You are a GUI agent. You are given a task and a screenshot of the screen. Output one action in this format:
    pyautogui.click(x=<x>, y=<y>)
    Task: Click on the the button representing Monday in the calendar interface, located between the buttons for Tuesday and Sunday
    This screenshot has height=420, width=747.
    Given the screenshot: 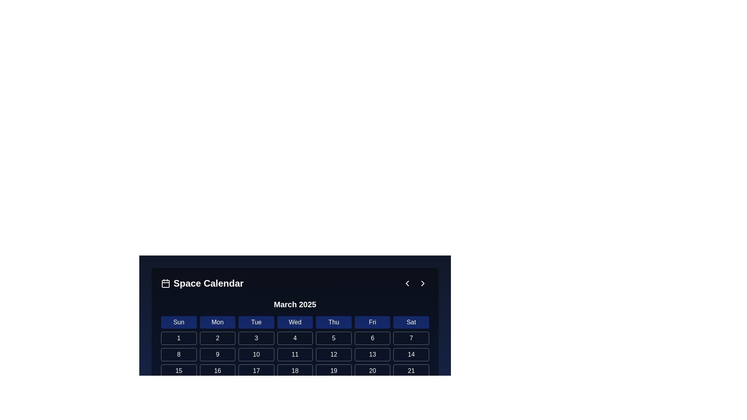 What is the action you would take?
    pyautogui.click(x=217, y=322)
    